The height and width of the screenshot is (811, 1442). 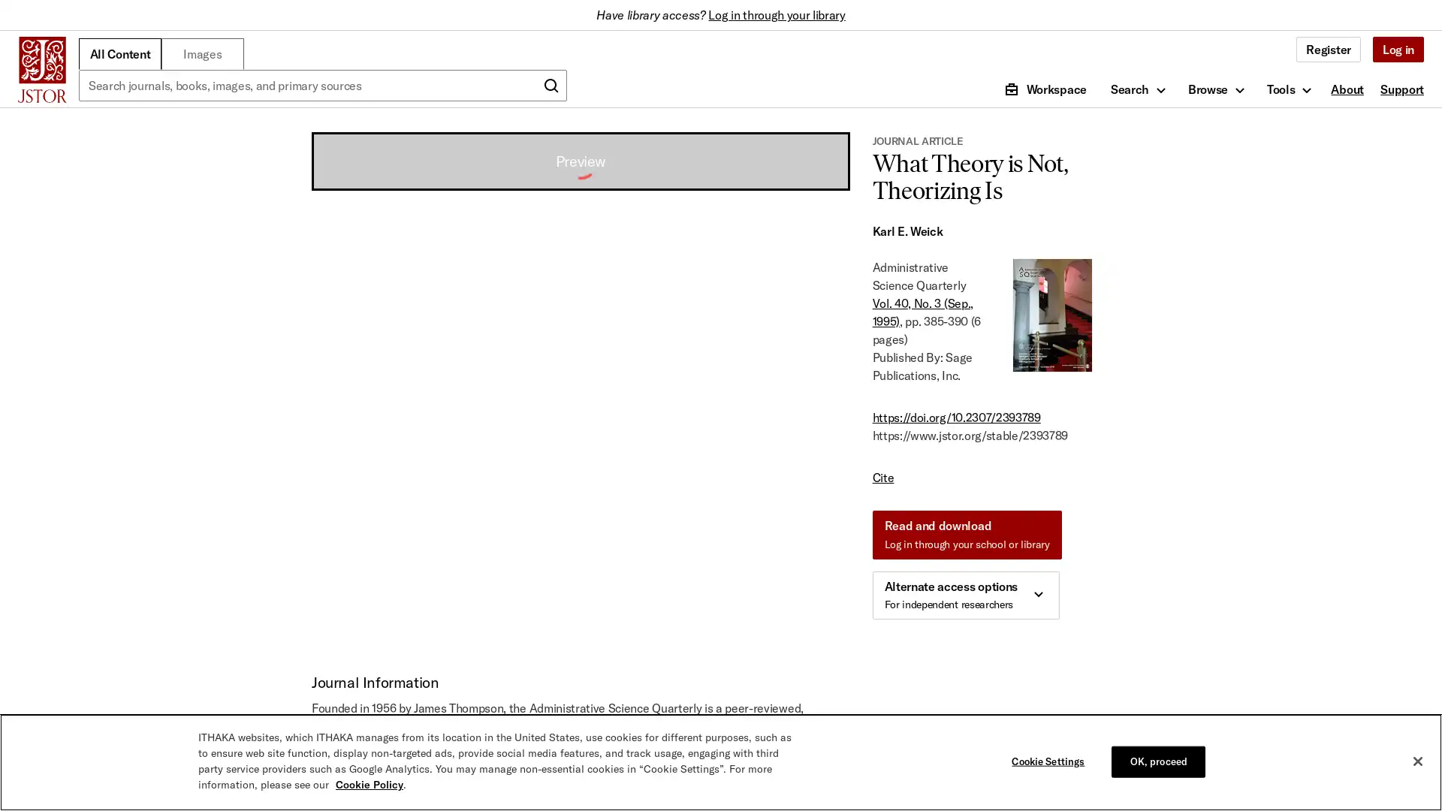 What do you see at coordinates (1416, 761) in the screenshot?
I see `Close` at bounding box center [1416, 761].